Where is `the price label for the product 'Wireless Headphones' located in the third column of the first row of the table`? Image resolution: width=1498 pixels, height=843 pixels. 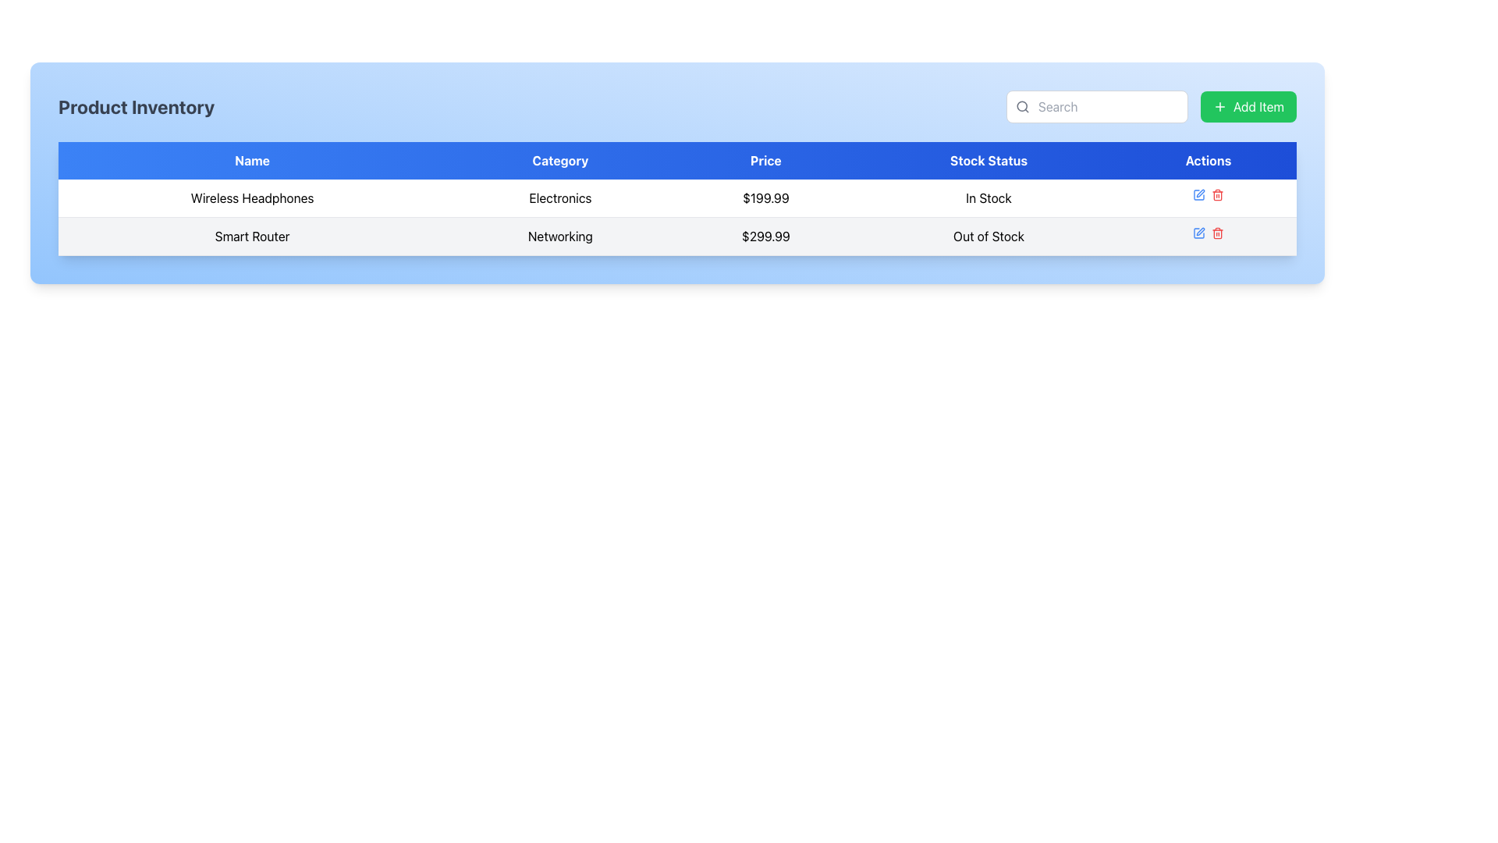 the price label for the product 'Wireless Headphones' located in the third column of the first row of the table is located at coordinates (765, 197).